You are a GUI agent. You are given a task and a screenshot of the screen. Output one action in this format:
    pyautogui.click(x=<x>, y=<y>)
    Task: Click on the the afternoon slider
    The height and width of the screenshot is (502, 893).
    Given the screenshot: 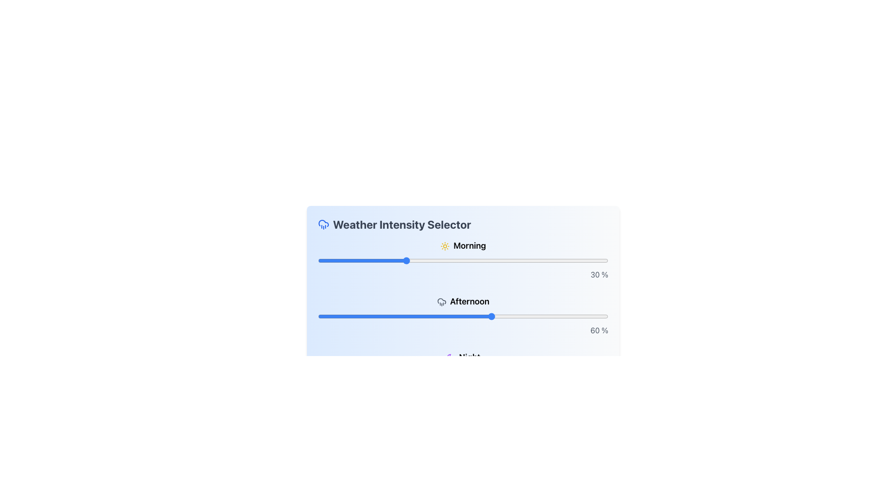 What is the action you would take?
    pyautogui.click(x=570, y=316)
    